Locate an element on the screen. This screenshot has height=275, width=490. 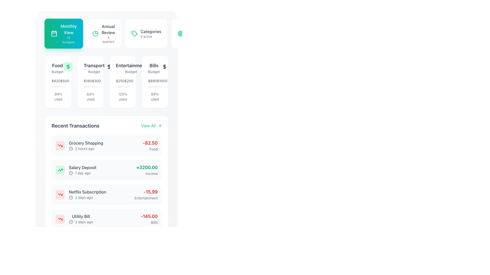
the second slice of the pie chart icon located in the top-right navigation section, next to the 'Annual Review' tab is located at coordinates (95, 34).